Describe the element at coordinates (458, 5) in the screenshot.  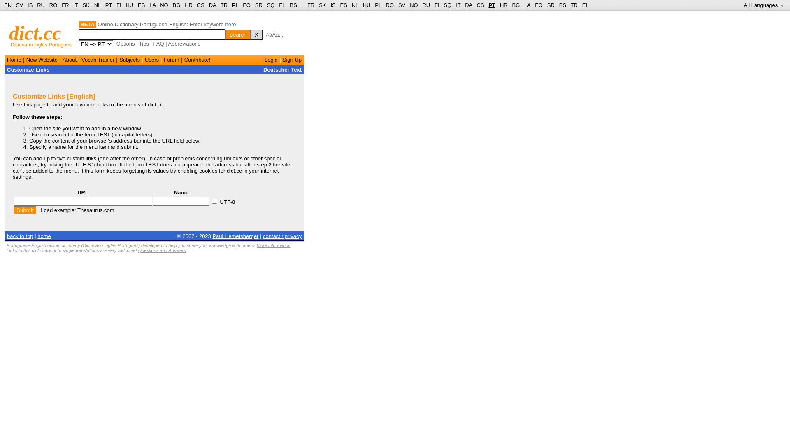
I see `'IT'` at that location.